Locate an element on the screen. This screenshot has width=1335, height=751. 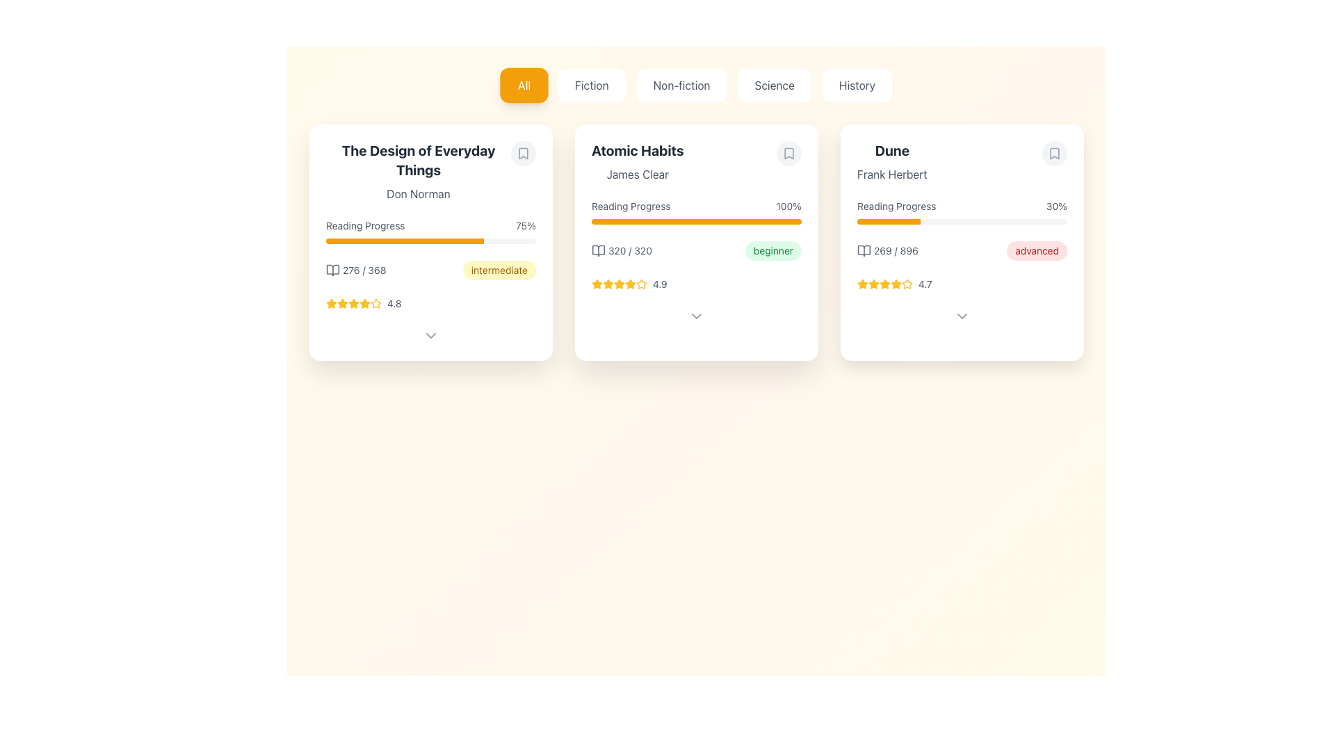
the bookmark icon button located in the upper-right corner of the first card is located at coordinates (523, 153).